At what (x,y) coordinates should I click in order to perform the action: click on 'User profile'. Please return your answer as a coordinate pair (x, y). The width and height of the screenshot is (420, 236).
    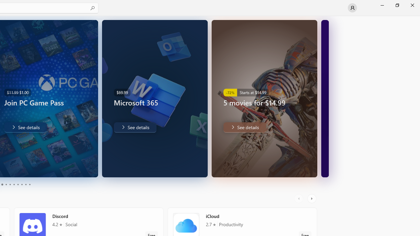
    Looking at the image, I should click on (352, 8).